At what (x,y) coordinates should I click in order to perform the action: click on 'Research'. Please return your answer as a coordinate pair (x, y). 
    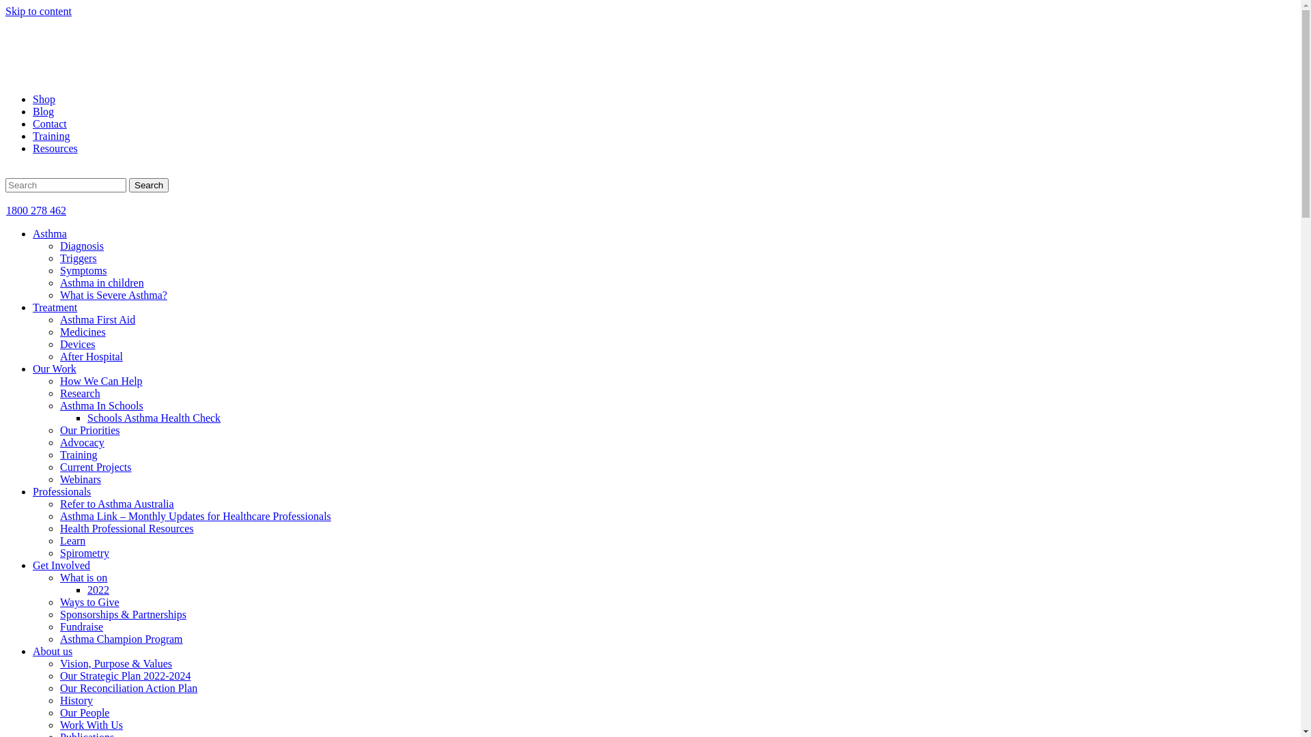
    Looking at the image, I should click on (79, 393).